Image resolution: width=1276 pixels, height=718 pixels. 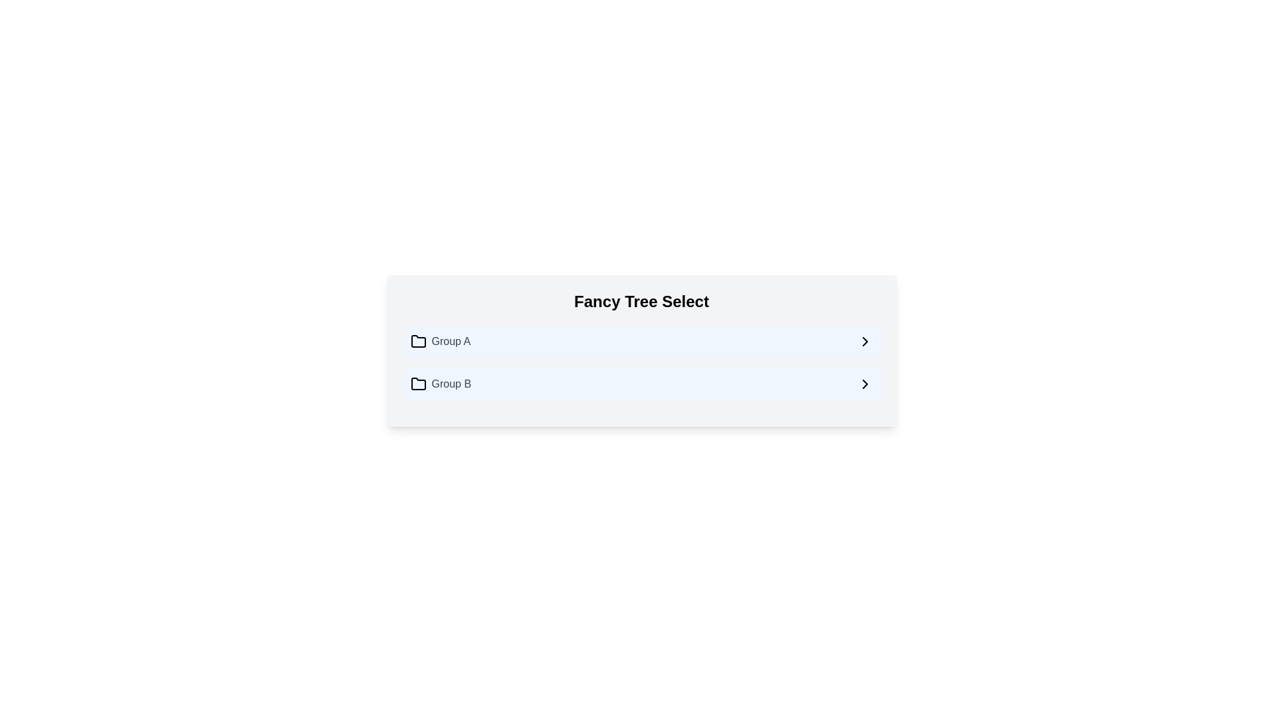 What do you see at coordinates (451, 340) in the screenshot?
I see `the static text label displaying 'Group A', which is styled with medium-sized gray font and positioned to the right of a folder icon in a vertical list layout` at bounding box center [451, 340].